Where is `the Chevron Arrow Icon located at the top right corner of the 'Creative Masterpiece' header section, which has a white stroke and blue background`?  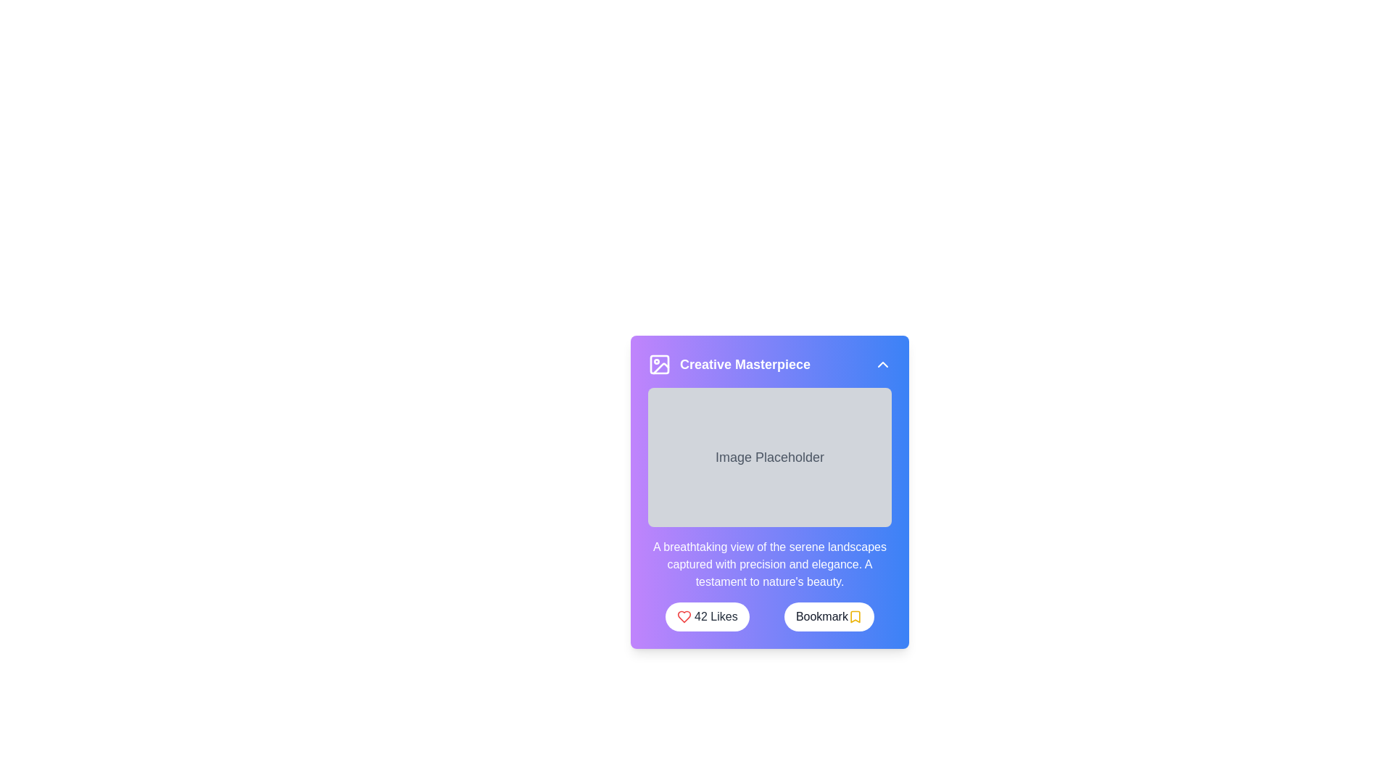 the Chevron Arrow Icon located at the top right corner of the 'Creative Masterpiece' header section, which has a white stroke and blue background is located at coordinates (882, 363).